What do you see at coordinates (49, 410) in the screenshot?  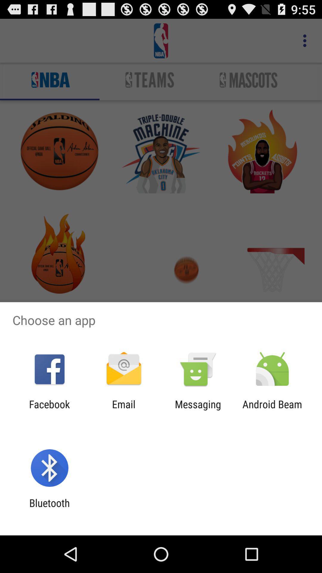 I see `icon next to the email app` at bounding box center [49, 410].